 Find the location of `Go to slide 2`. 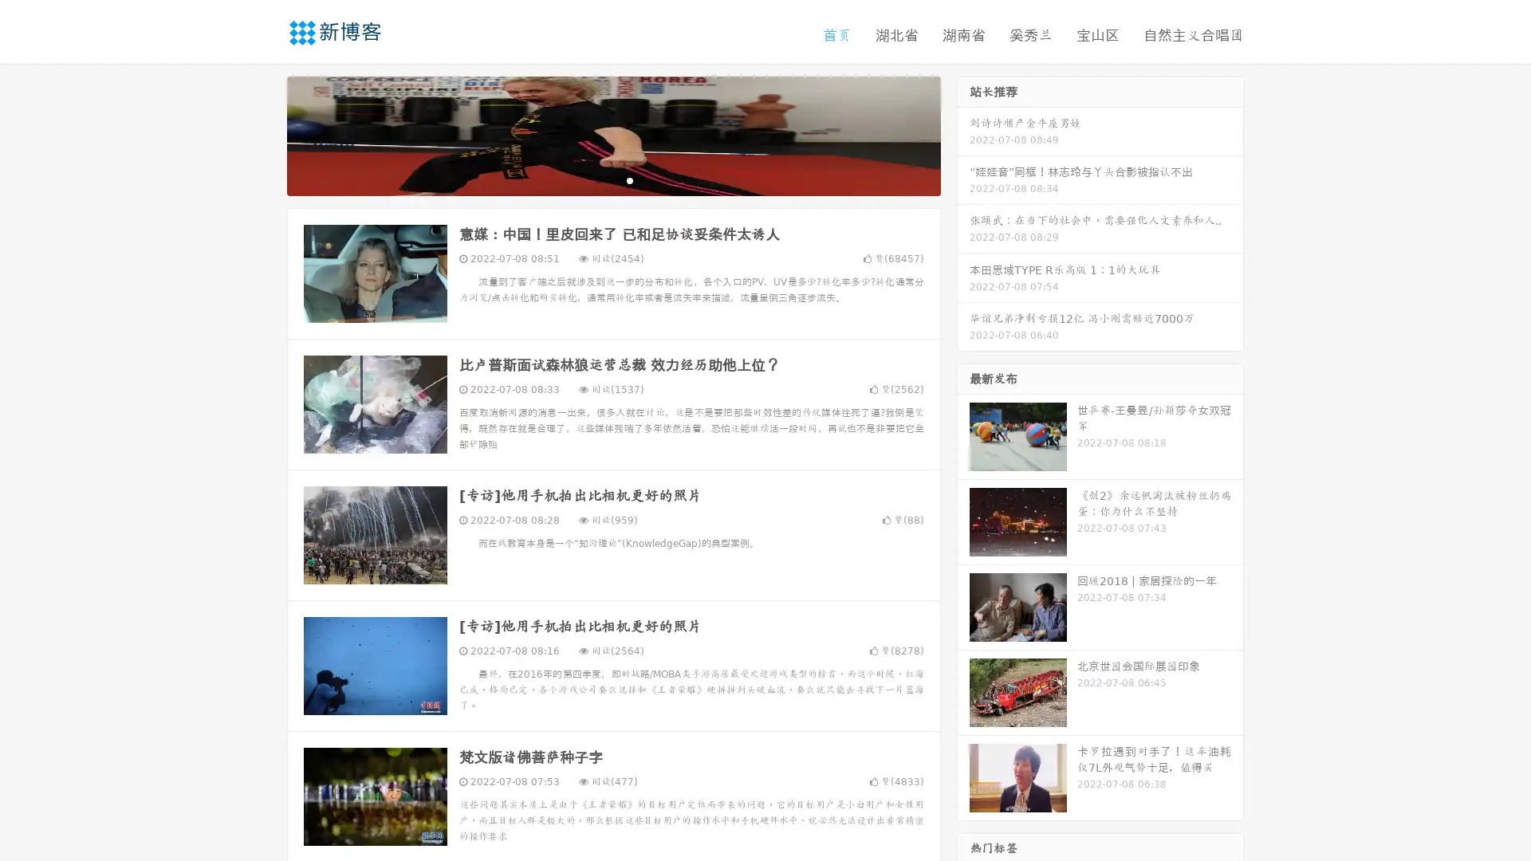

Go to slide 2 is located at coordinates (612, 179).